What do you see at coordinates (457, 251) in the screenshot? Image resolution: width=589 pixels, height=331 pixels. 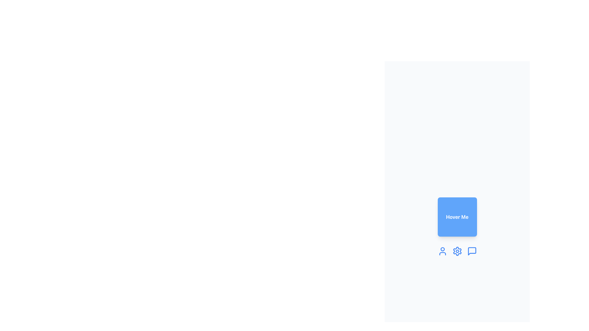 I see `the gear-shaped icon located between the user icon and the speech bubble icon` at bounding box center [457, 251].